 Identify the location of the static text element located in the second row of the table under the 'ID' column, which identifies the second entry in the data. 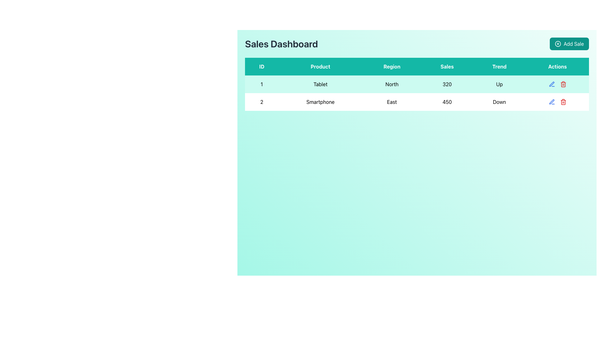
(262, 102).